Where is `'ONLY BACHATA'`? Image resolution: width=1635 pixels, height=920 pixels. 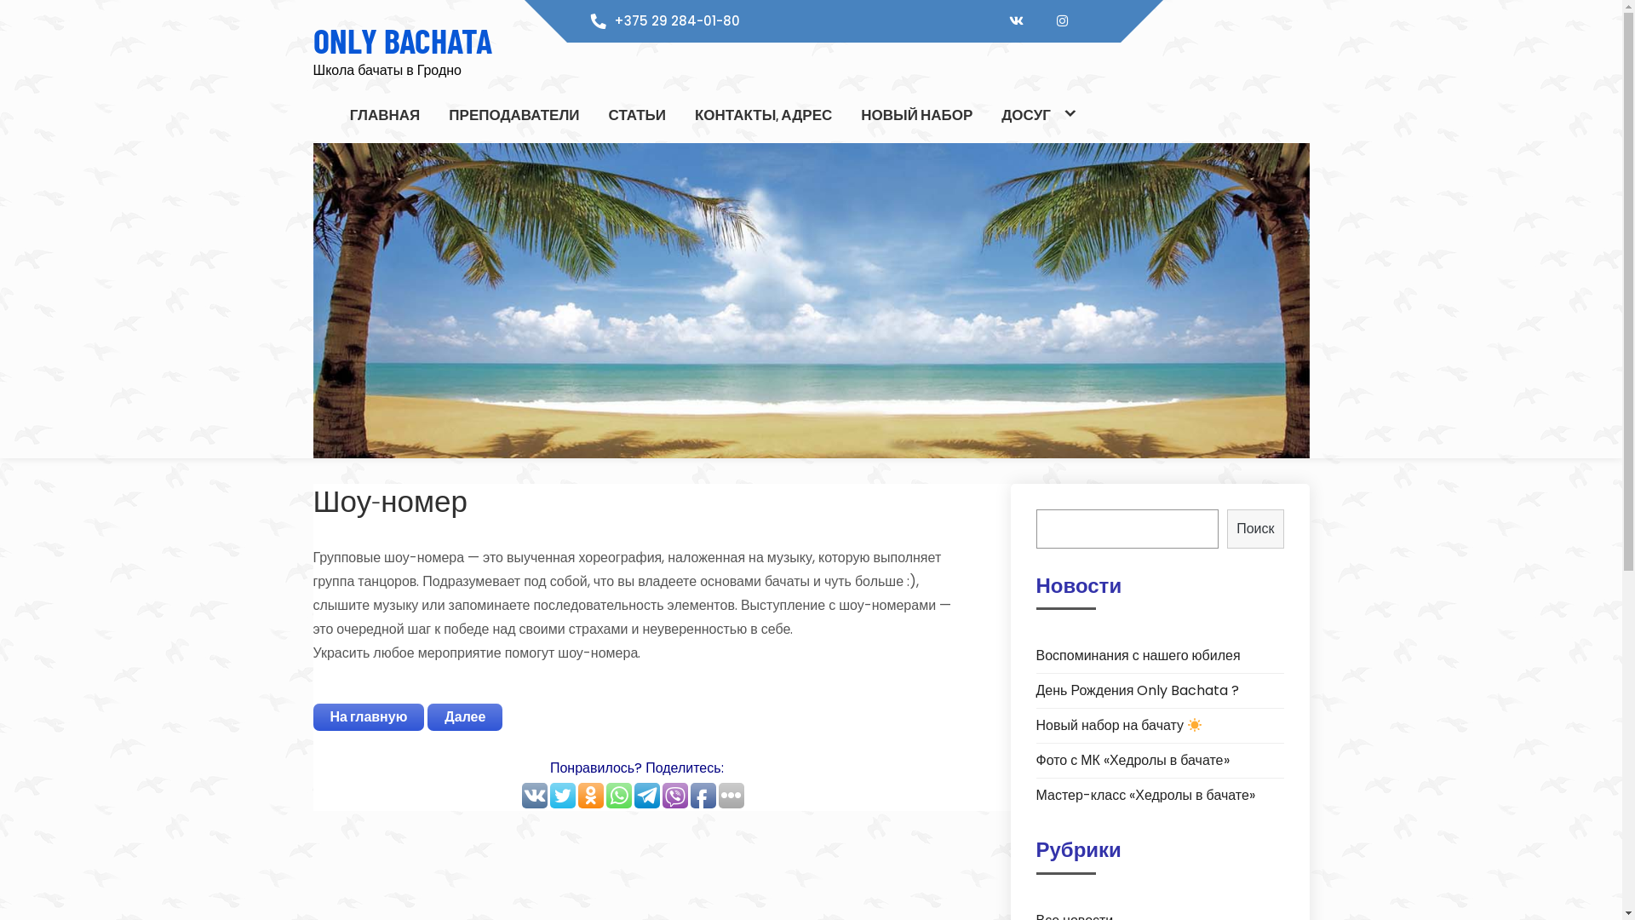 'ONLY BACHATA' is located at coordinates (402, 38).